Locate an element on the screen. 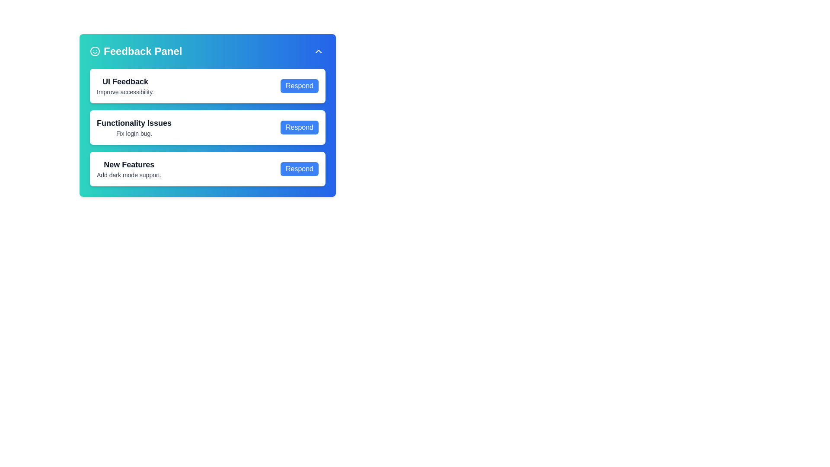  the button labeled 'UI Feedback' located at the far right of the feedback panel to initiate a response is located at coordinates (299, 86).